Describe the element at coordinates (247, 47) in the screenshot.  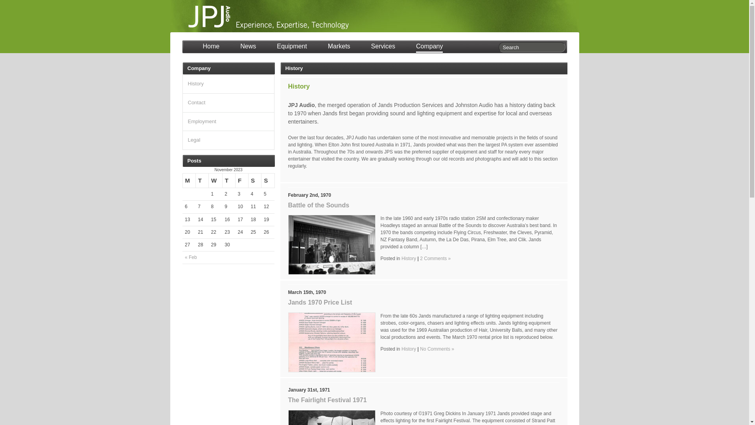
I see `'News'` at that location.